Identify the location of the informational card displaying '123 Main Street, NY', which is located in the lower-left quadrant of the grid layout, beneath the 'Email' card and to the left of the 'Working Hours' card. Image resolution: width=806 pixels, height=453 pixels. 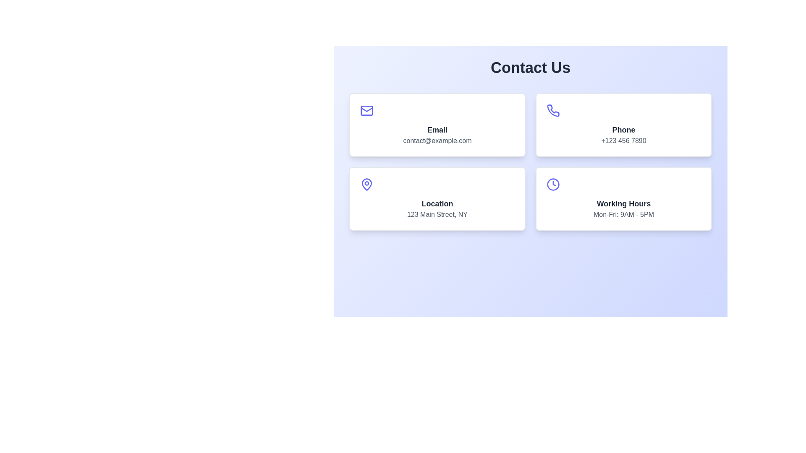
(437, 199).